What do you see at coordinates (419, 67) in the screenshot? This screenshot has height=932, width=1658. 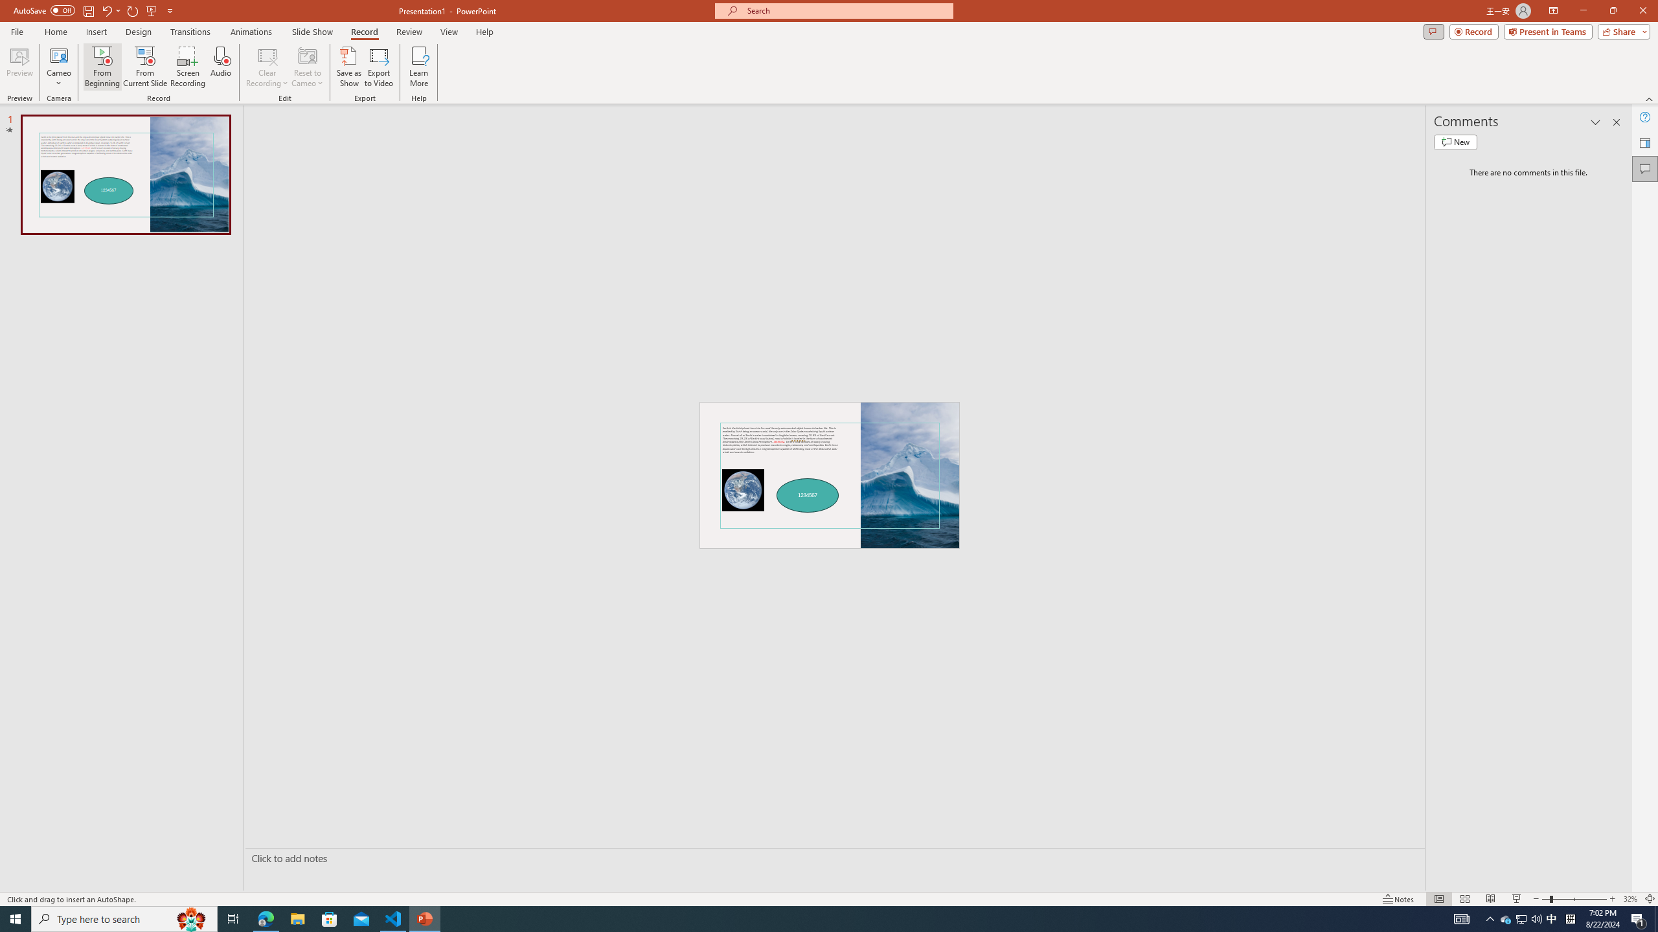 I see `'Learn More'` at bounding box center [419, 67].